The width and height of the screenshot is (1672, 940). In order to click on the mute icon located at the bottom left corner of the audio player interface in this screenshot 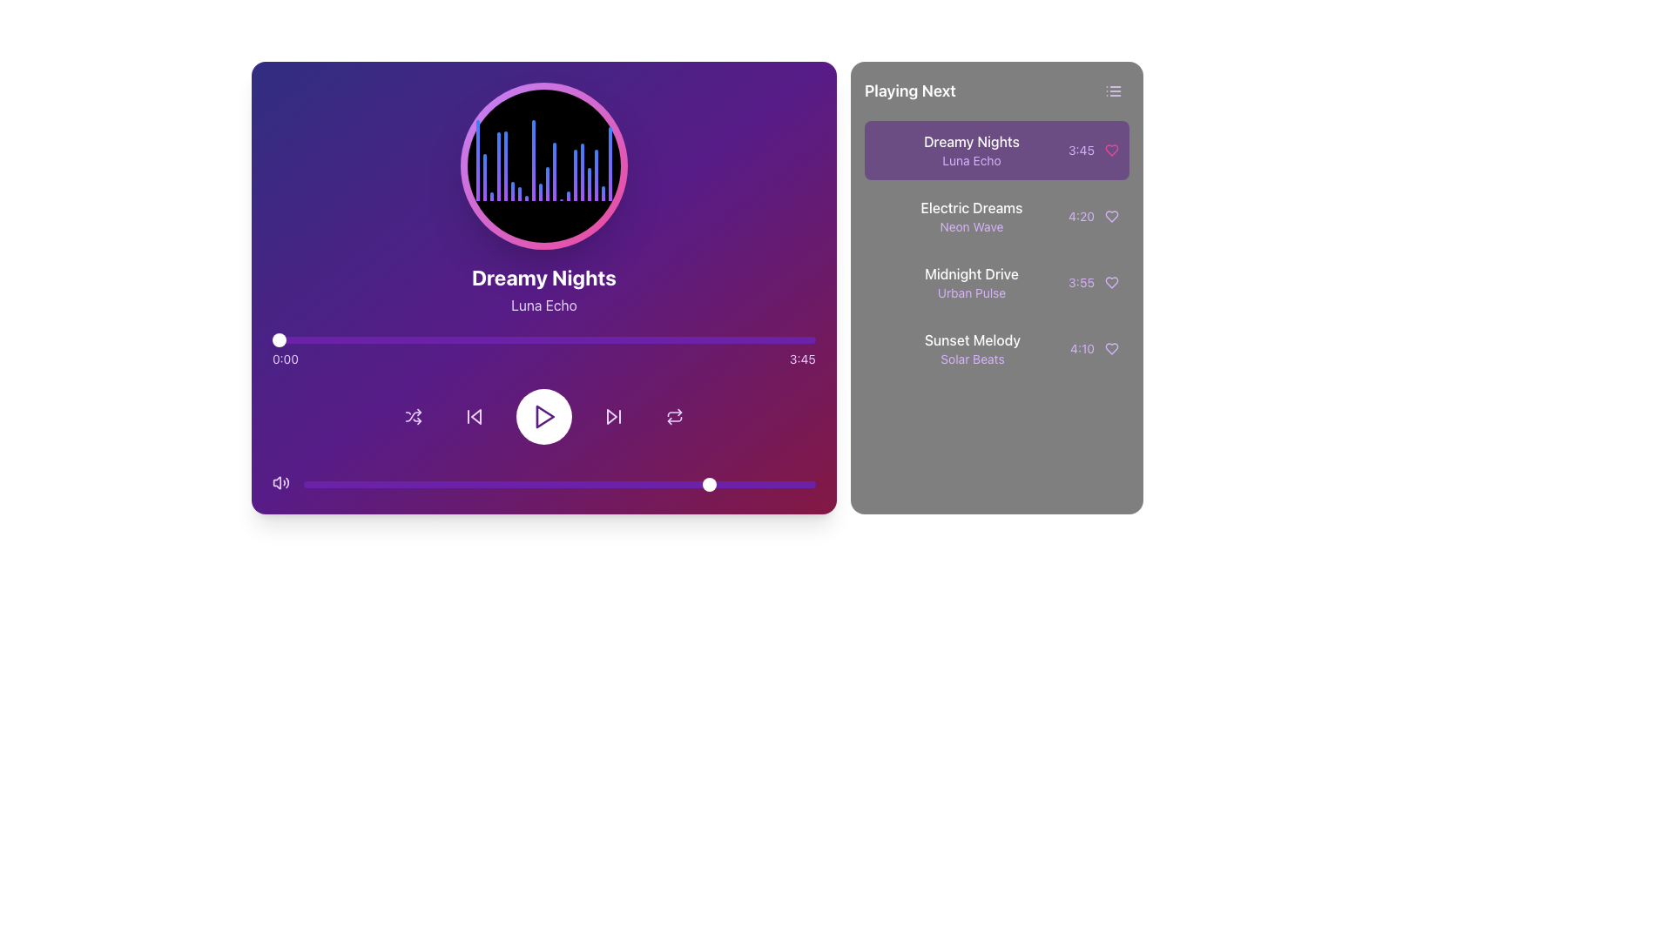, I will do `click(276, 483)`.